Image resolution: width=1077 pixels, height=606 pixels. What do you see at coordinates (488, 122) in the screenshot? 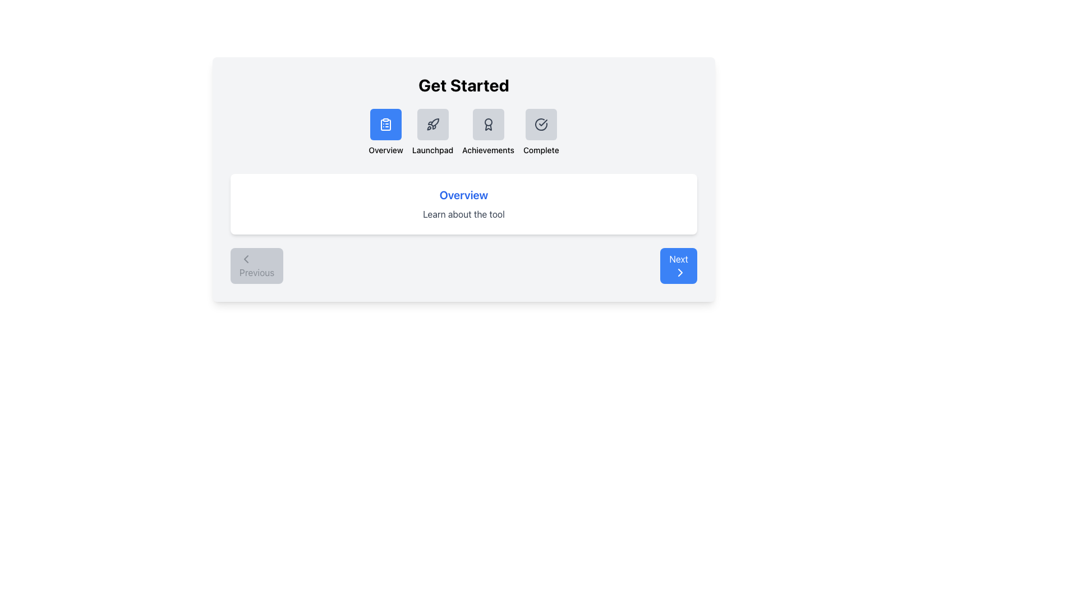
I see `the SVG-based circle component located in the Achievements section beneath the 'Get Started' title, which serves as a decorative graphical representation` at bounding box center [488, 122].